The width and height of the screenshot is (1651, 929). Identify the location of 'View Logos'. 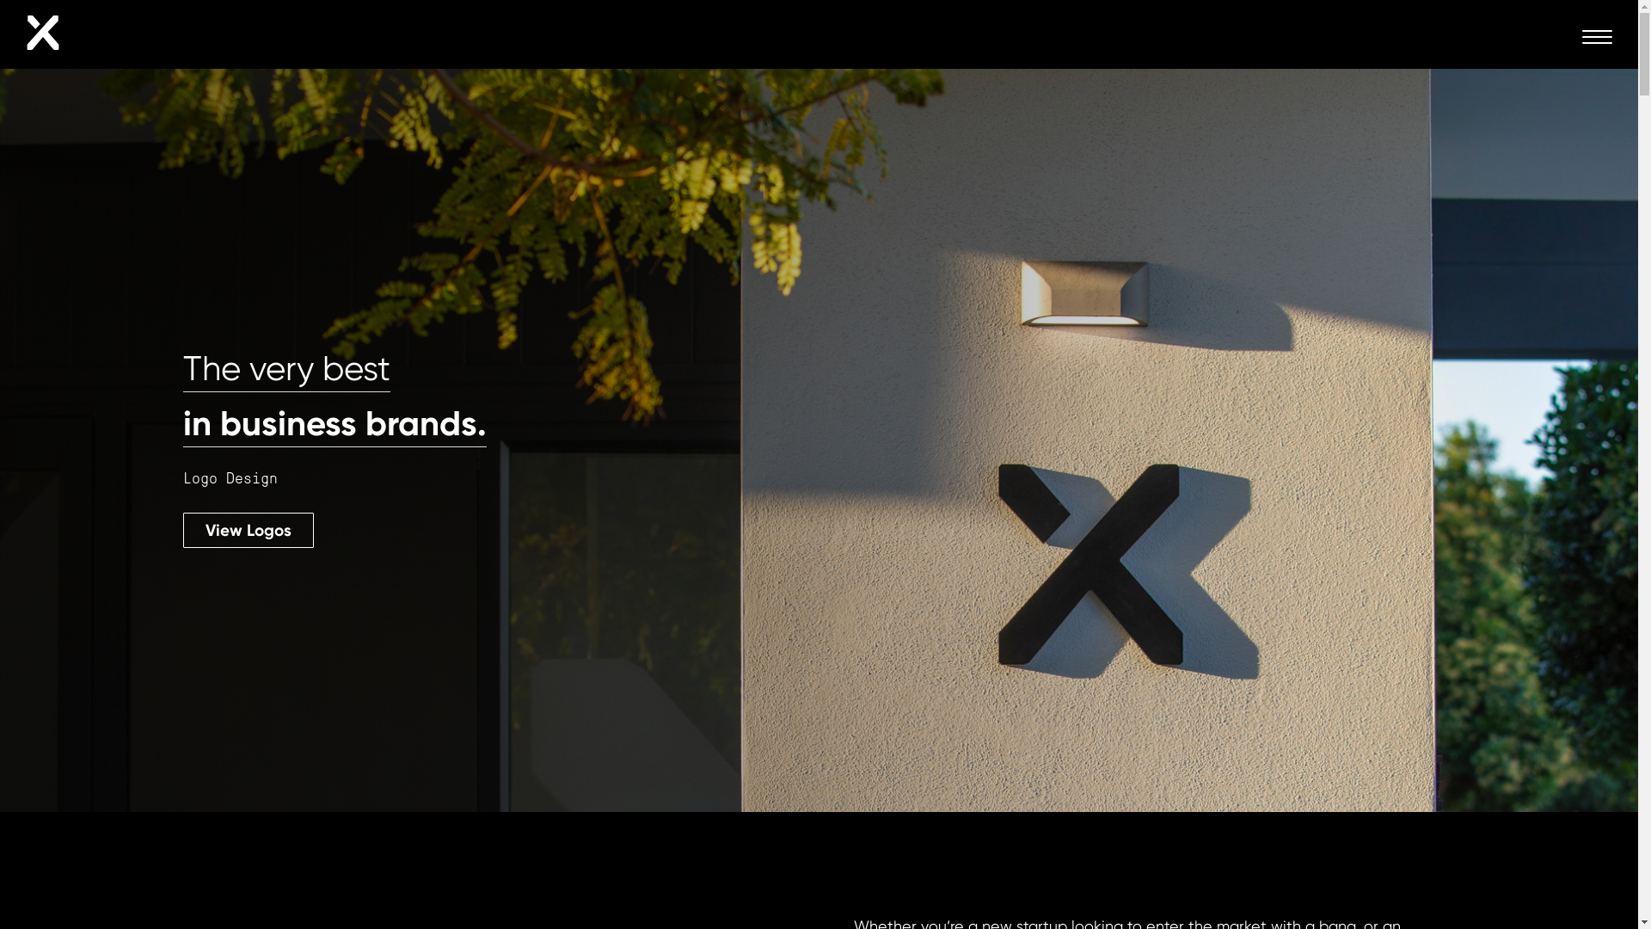
(247, 529).